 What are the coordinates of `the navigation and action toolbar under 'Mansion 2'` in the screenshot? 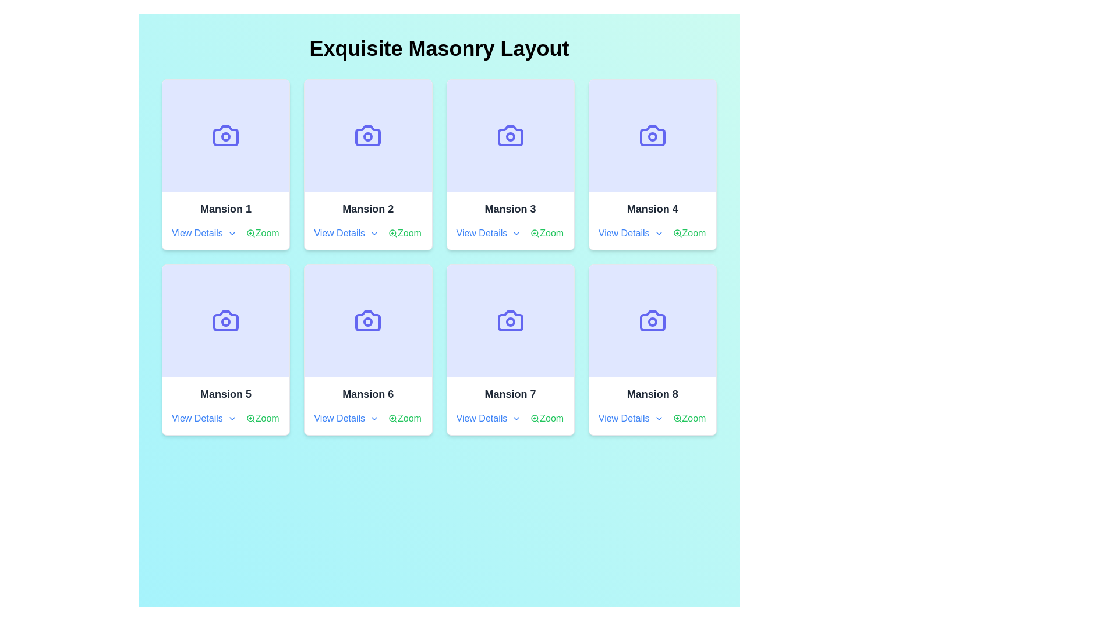 It's located at (367, 234).